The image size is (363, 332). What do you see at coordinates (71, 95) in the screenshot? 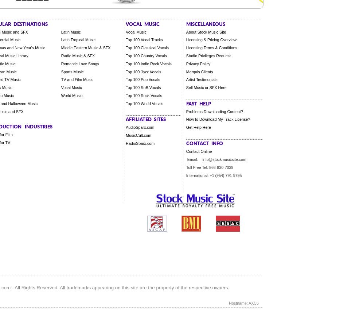
I see `'World Music'` at bounding box center [71, 95].